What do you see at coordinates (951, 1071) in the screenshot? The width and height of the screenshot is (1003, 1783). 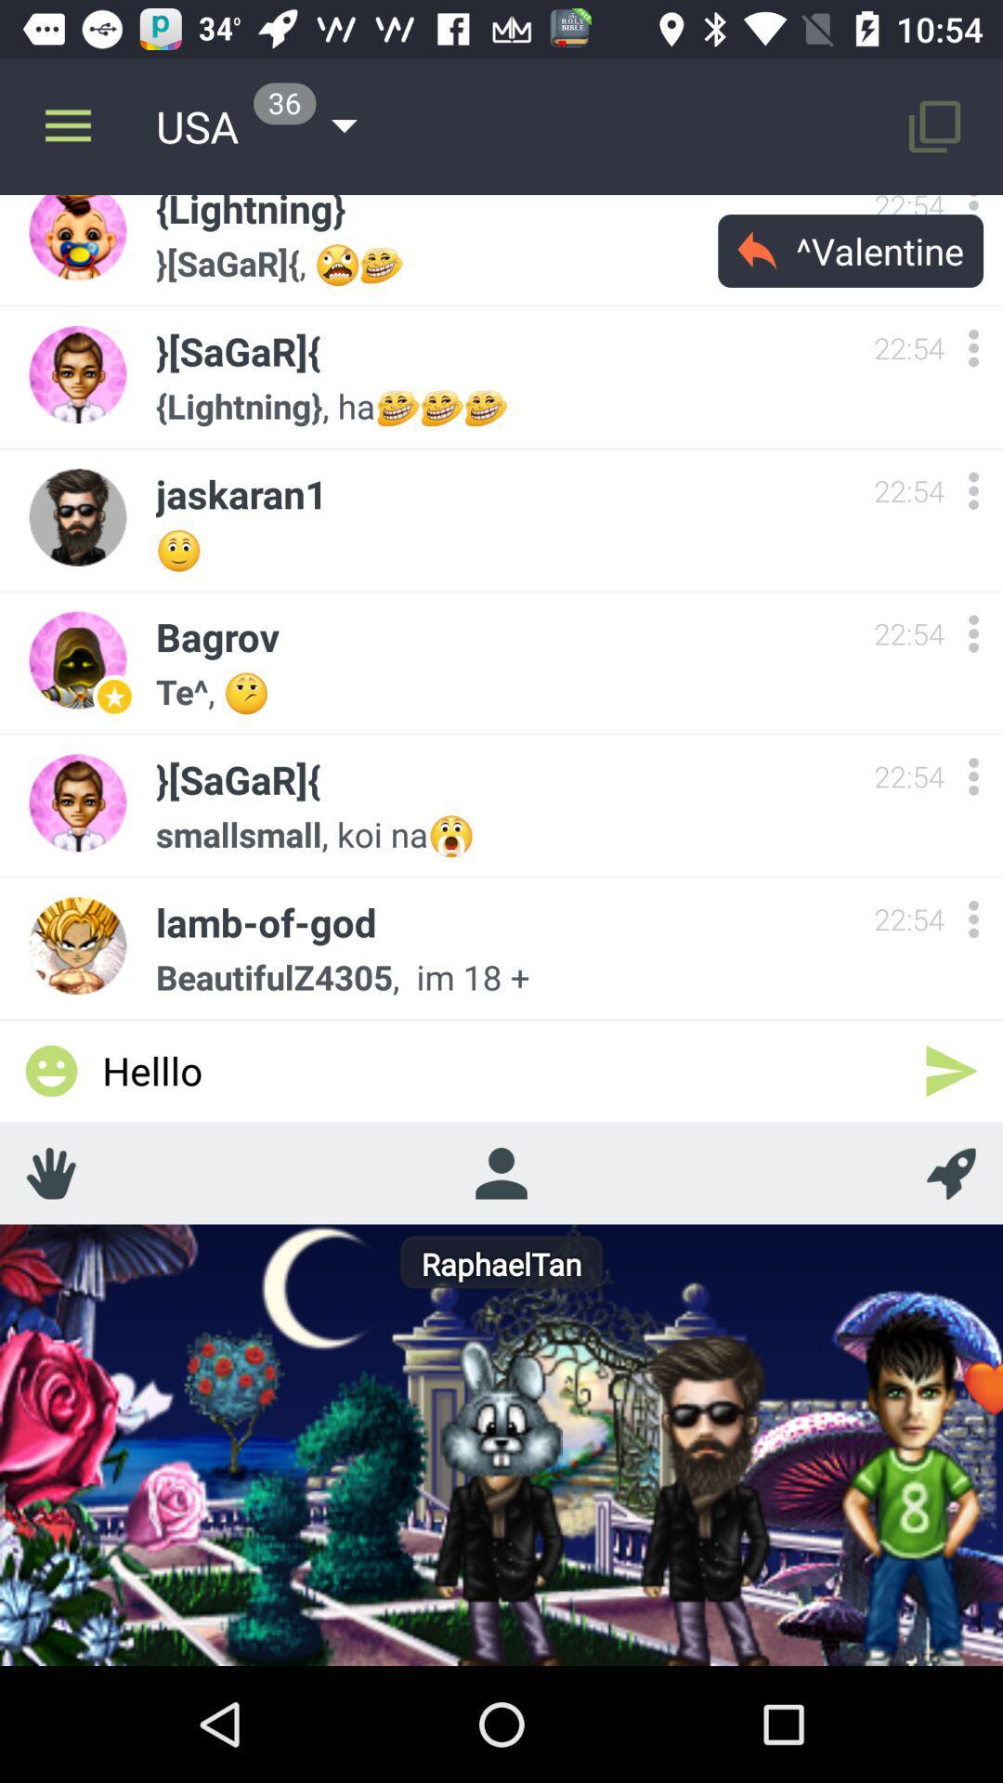 I see `the icon to the right of the helllo icon` at bounding box center [951, 1071].